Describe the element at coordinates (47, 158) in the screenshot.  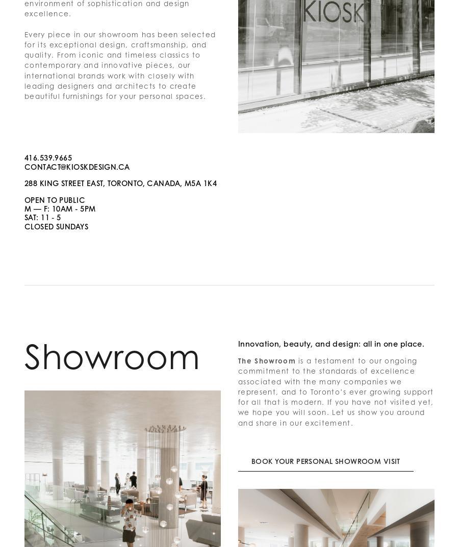
I see `'416.539.9665'` at that location.